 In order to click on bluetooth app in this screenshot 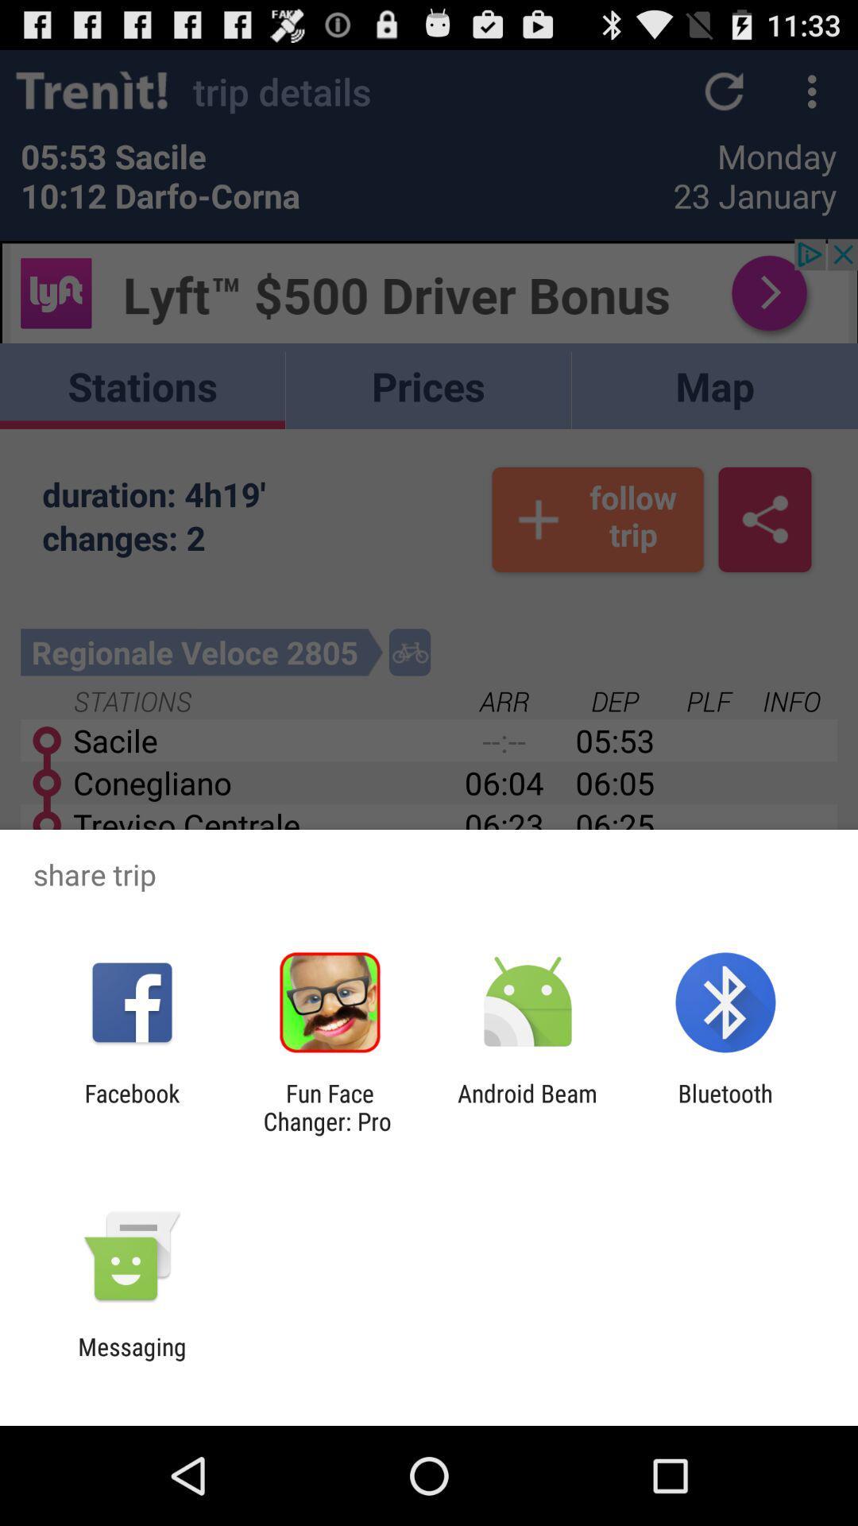, I will do `click(725, 1106)`.